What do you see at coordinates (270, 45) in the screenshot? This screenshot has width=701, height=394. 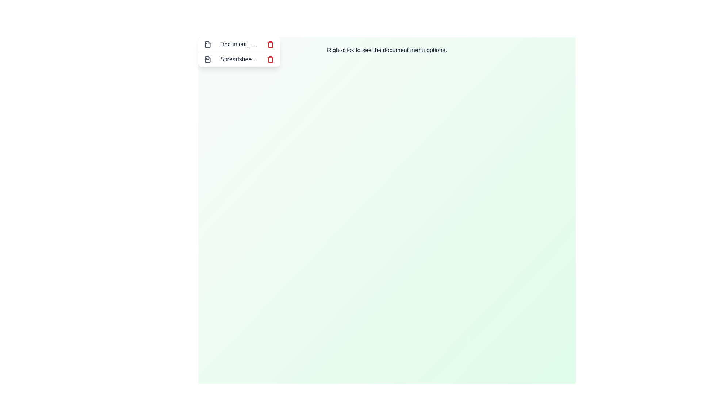 I see `the trash icon next to the document named Document_A.pdf to remove it from the list` at bounding box center [270, 45].